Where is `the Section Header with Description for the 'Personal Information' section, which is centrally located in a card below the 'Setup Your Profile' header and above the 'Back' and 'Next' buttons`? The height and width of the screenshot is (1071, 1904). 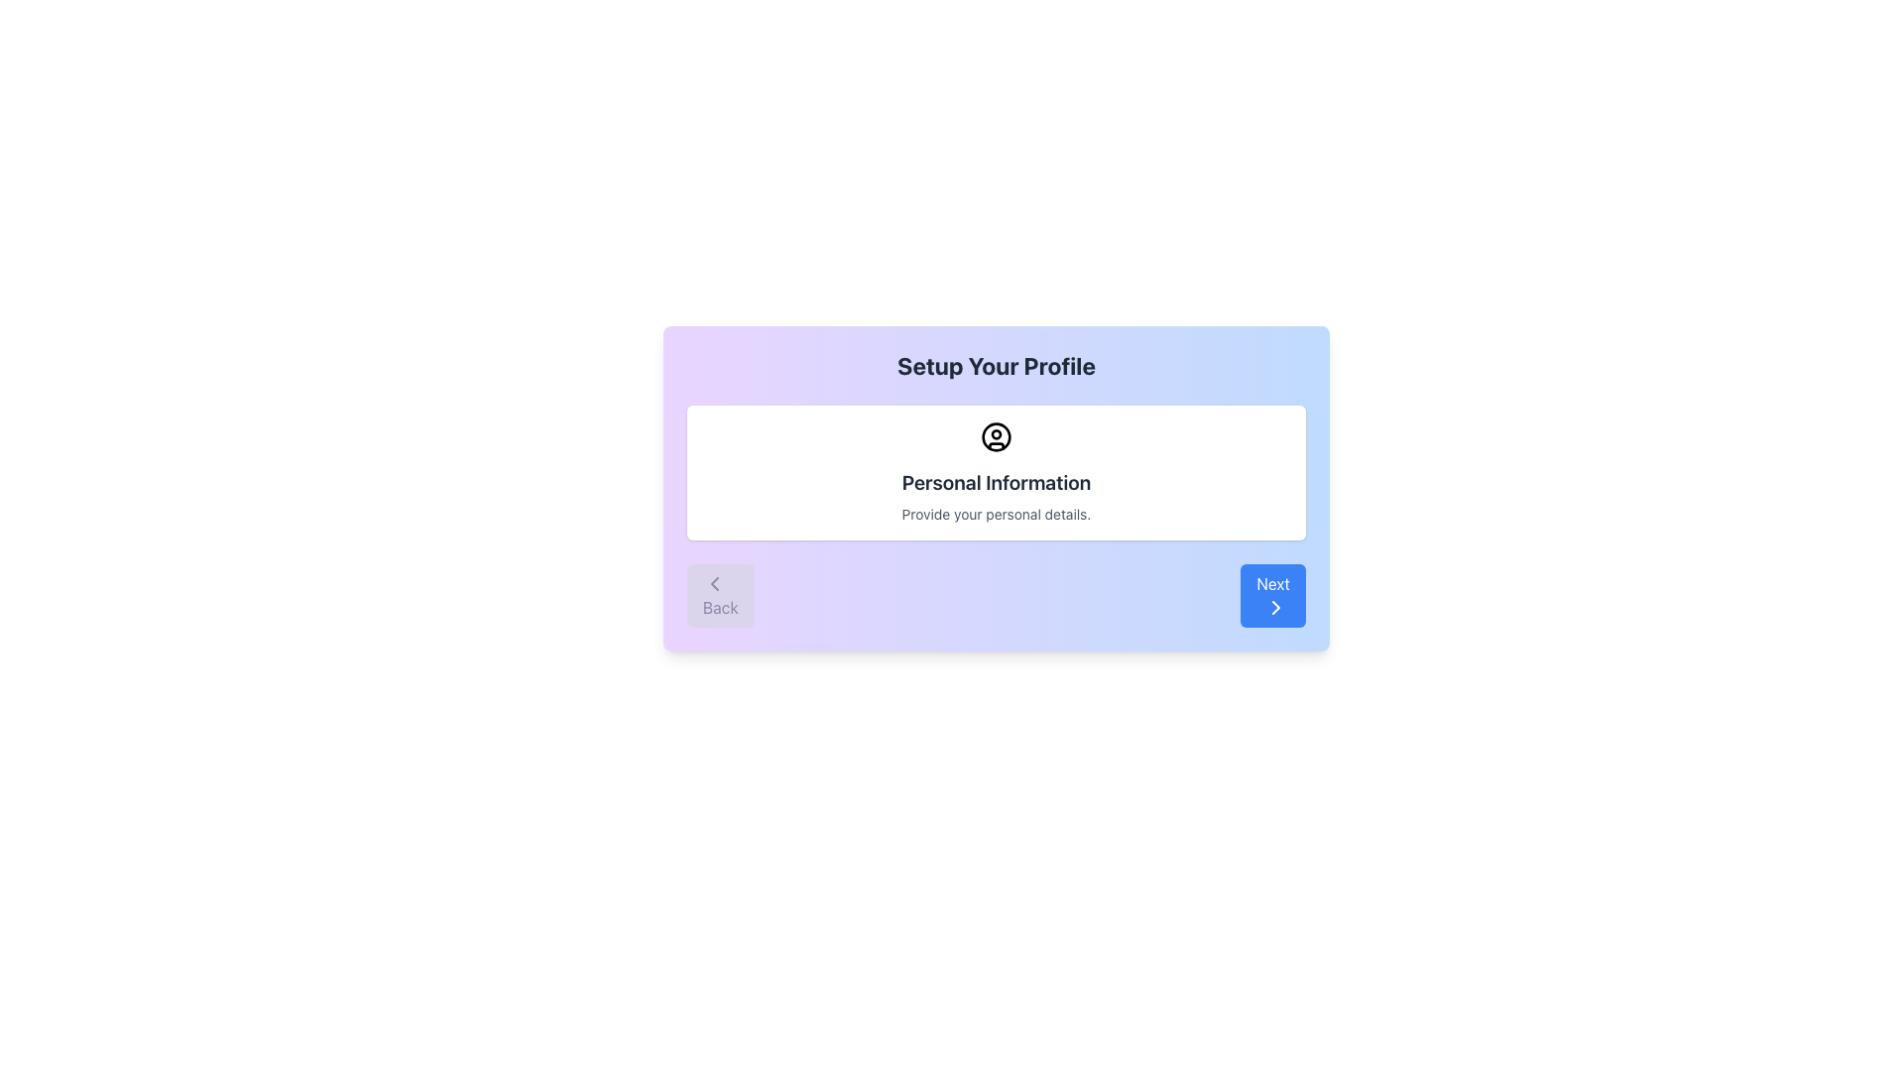 the Section Header with Description for the 'Personal Information' section, which is centrally located in a card below the 'Setup Your Profile' header and above the 'Back' and 'Next' buttons is located at coordinates (996, 473).